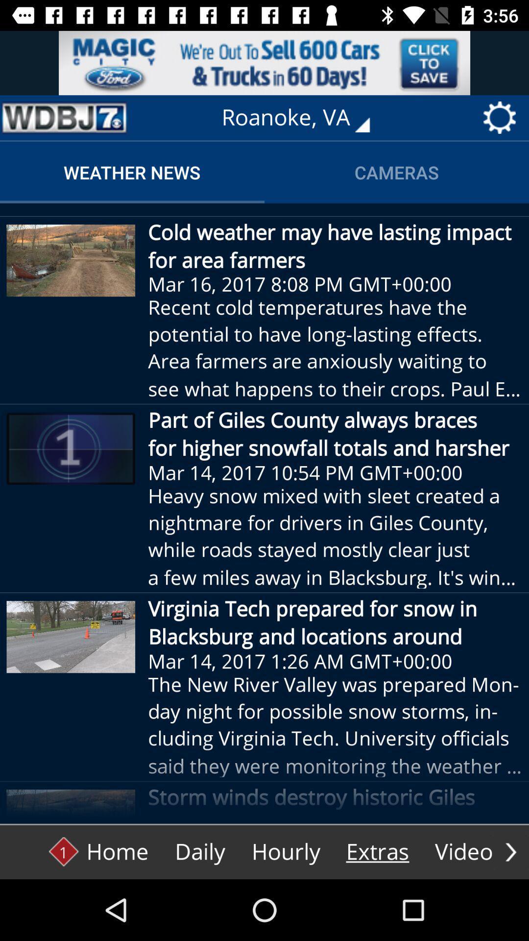 The width and height of the screenshot is (529, 941). Describe the element at coordinates (264, 62) in the screenshot. I see `advertisement page` at that location.